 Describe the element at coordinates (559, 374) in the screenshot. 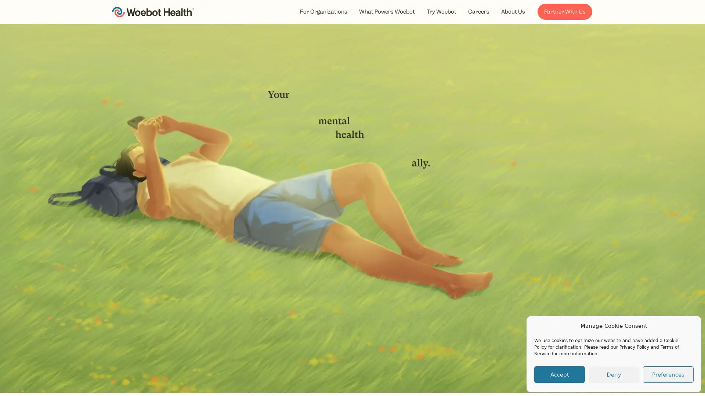

I see `Accept` at that location.